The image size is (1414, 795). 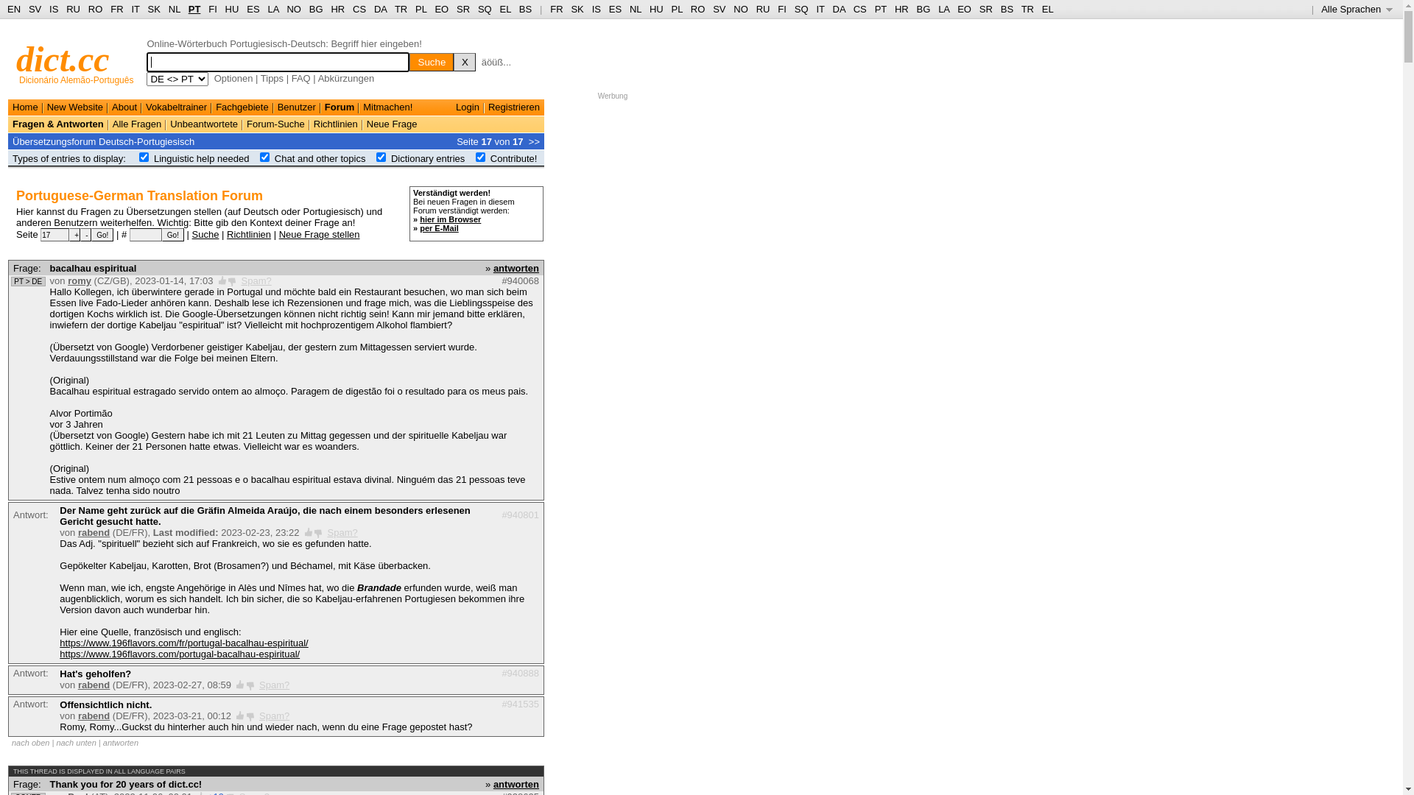 What do you see at coordinates (337, 9) in the screenshot?
I see `'HR'` at bounding box center [337, 9].